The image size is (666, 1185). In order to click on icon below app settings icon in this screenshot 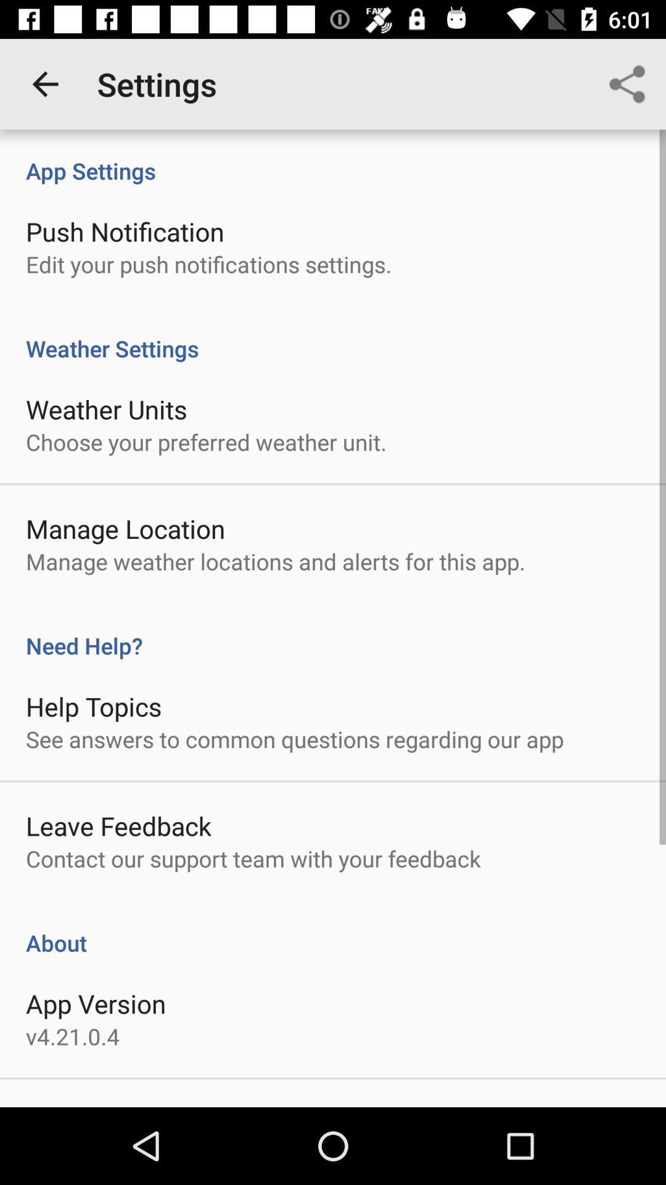, I will do `click(125, 231)`.